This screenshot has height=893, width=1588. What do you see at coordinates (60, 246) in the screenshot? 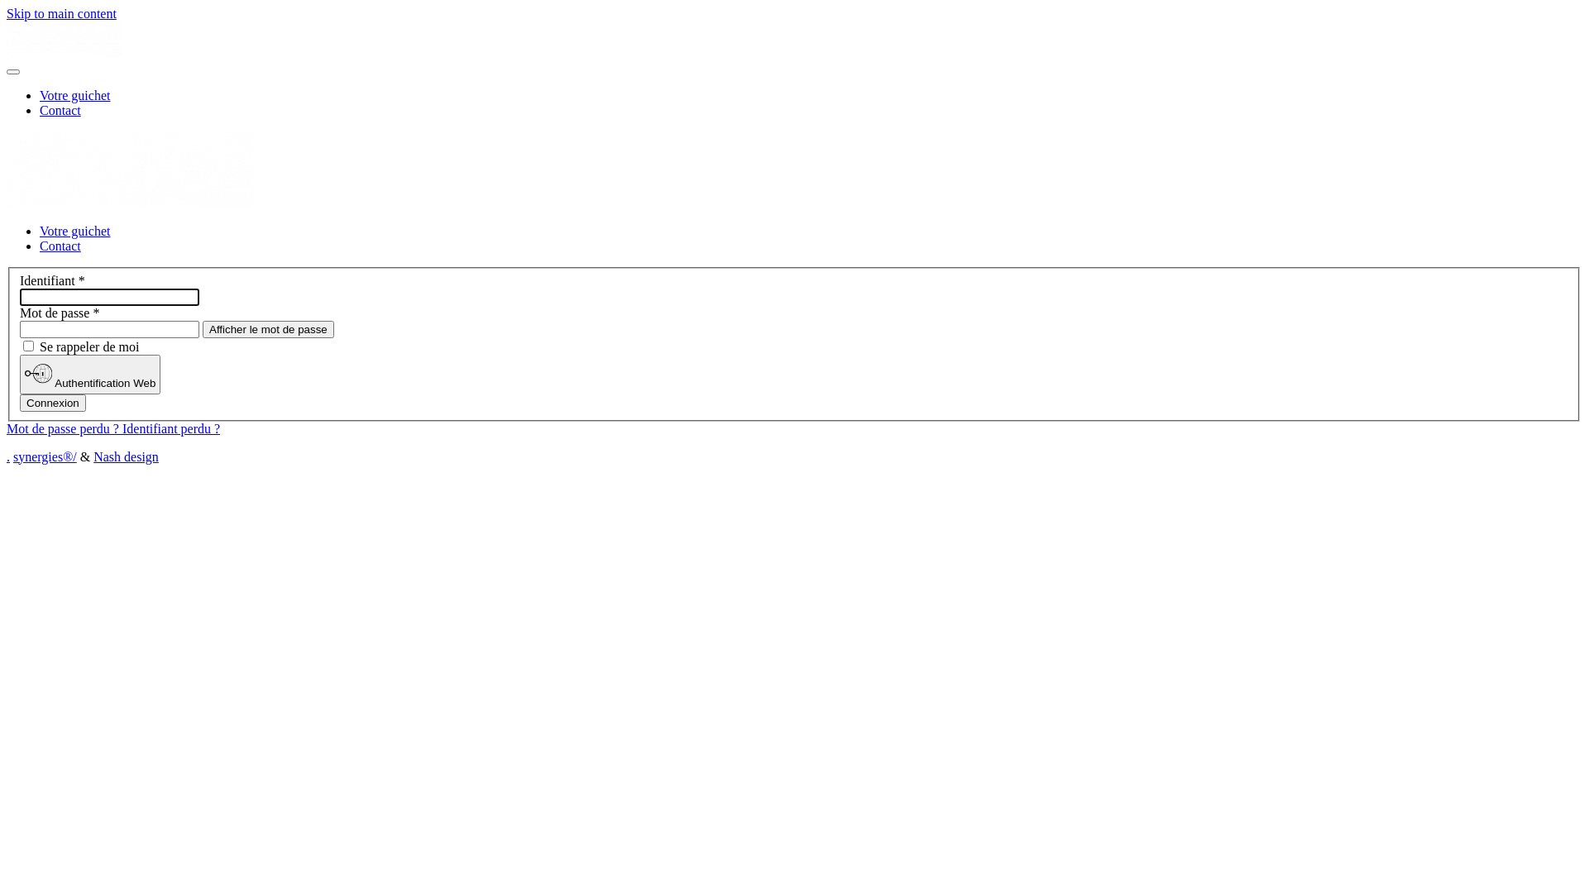
I see `'Contact'` at bounding box center [60, 246].